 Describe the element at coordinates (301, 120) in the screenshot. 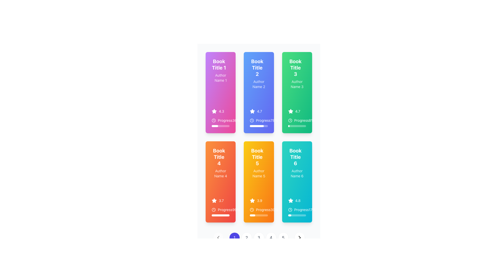

I see `the 'Progress' text label located in the third card of the top row, which indicates the progress status and is adjacent to a clock icon` at that location.